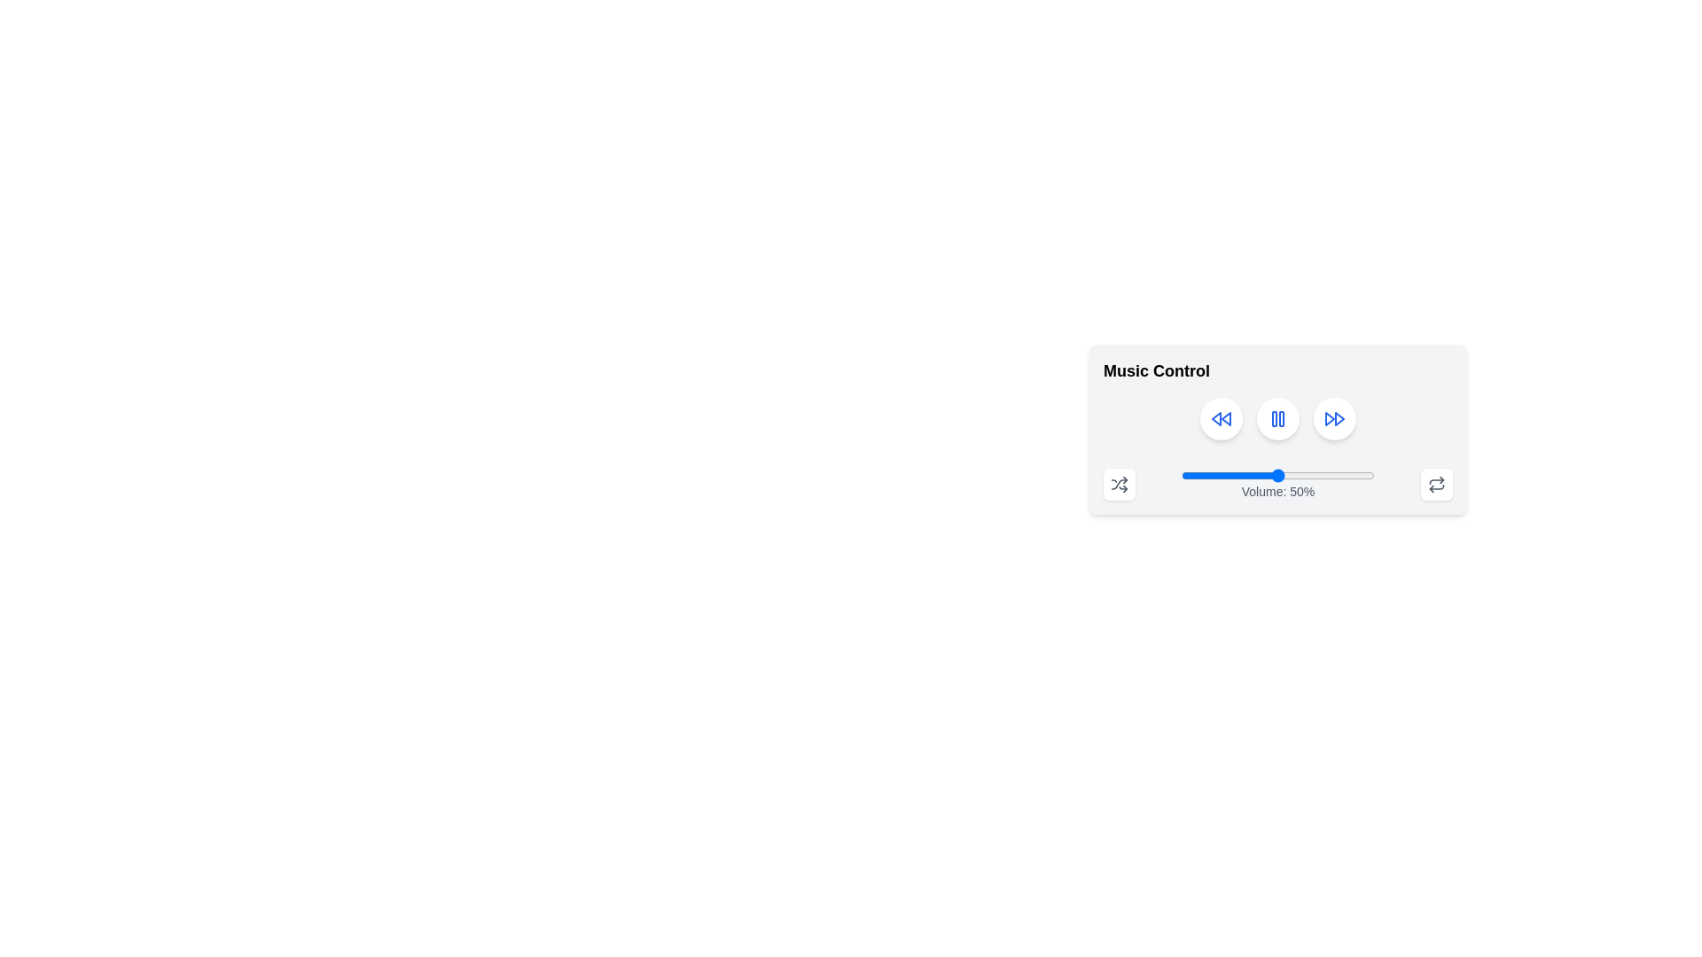 Image resolution: width=1702 pixels, height=957 pixels. What do you see at coordinates (1157, 370) in the screenshot?
I see `text content of the 'Music Control' text label, which is prominently displayed in bold and larger font at the top-left corner of the music control interface` at bounding box center [1157, 370].